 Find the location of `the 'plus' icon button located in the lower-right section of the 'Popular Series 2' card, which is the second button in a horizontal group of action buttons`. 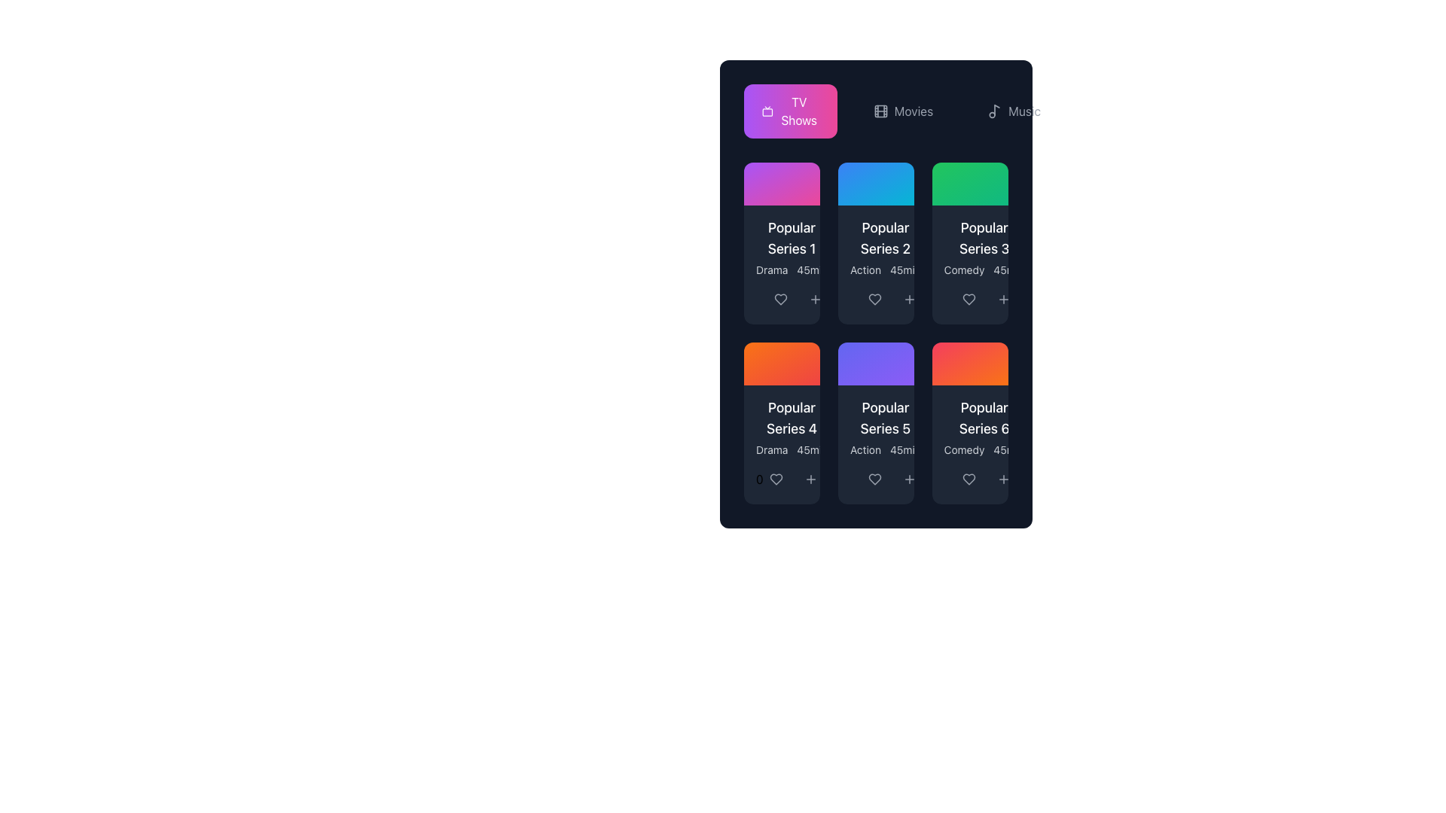

the 'plus' icon button located in the lower-right section of the 'Popular Series 2' card, which is the second button in a horizontal group of action buttons is located at coordinates (909, 299).